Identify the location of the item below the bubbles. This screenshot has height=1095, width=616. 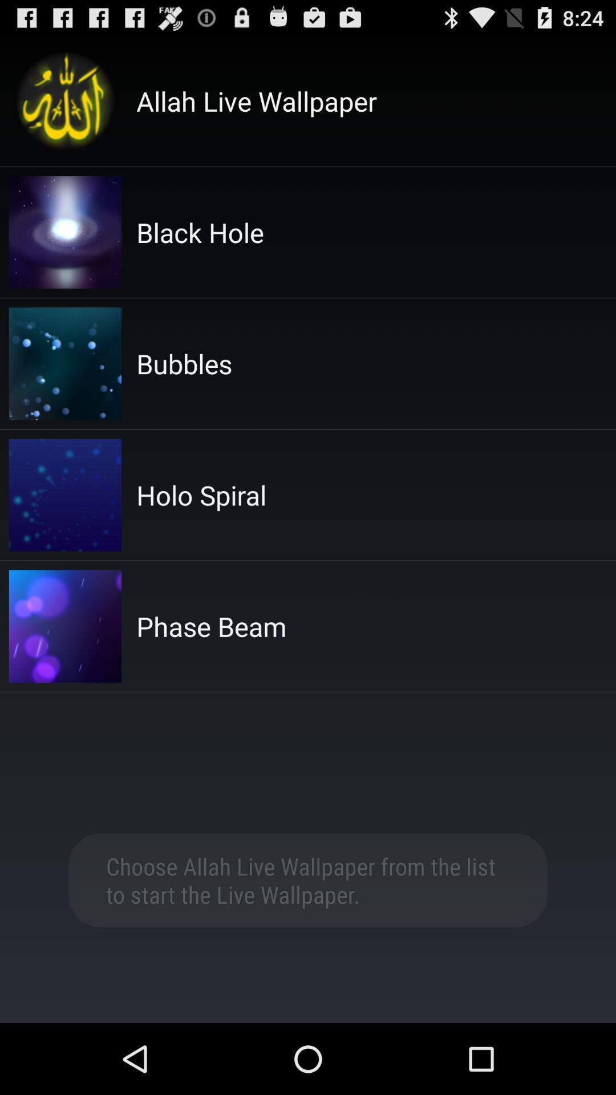
(201, 495).